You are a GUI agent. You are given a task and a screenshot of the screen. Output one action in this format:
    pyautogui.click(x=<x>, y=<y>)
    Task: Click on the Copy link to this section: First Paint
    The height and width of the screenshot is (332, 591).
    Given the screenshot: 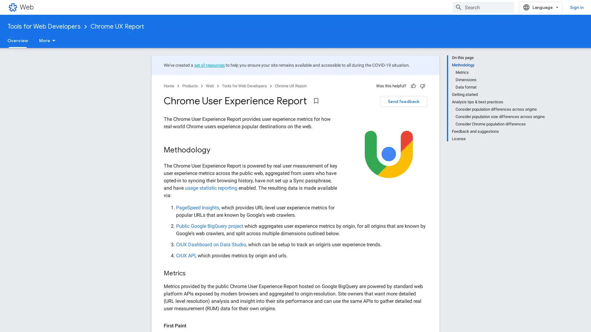 What is the action you would take?
    pyautogui.click(x=192, y=326)
    